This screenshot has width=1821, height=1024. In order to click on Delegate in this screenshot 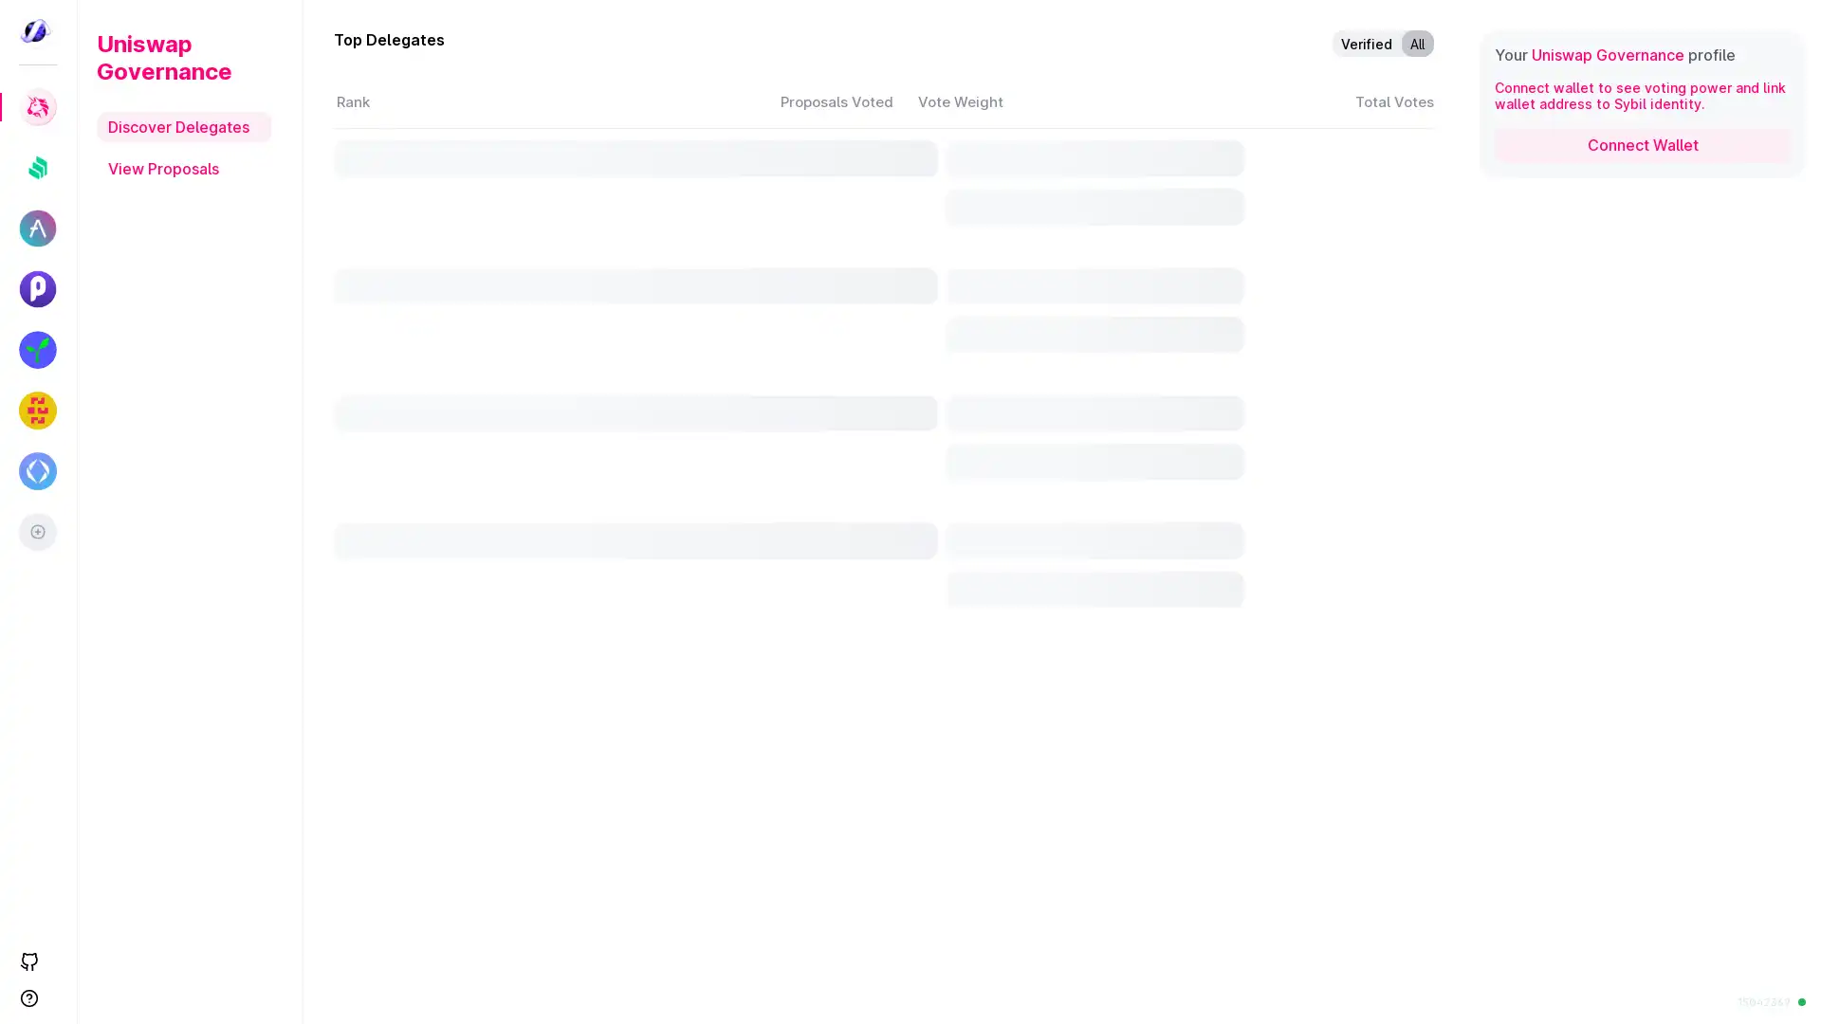, I will do `click(1258, 784)`.